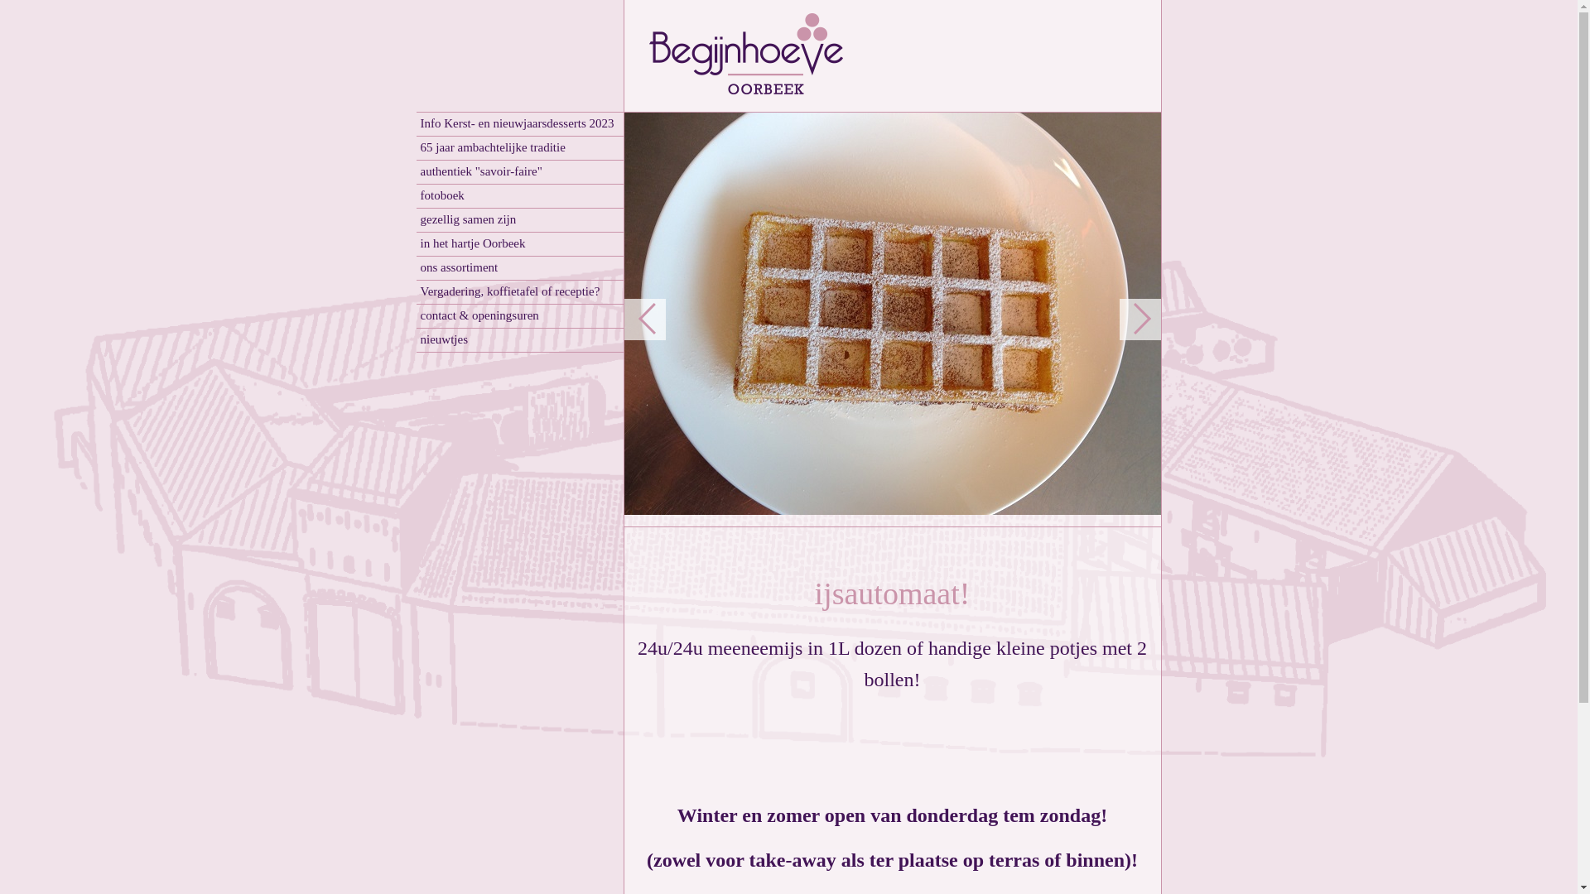  I want to click on 'contact & openingsuren', so click(518, 316).